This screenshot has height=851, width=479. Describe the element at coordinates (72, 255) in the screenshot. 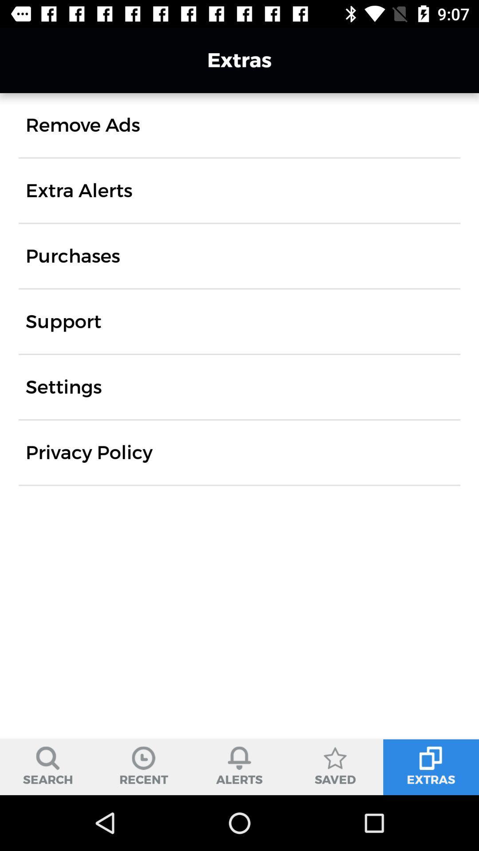

I see `purchases icon` at that location.